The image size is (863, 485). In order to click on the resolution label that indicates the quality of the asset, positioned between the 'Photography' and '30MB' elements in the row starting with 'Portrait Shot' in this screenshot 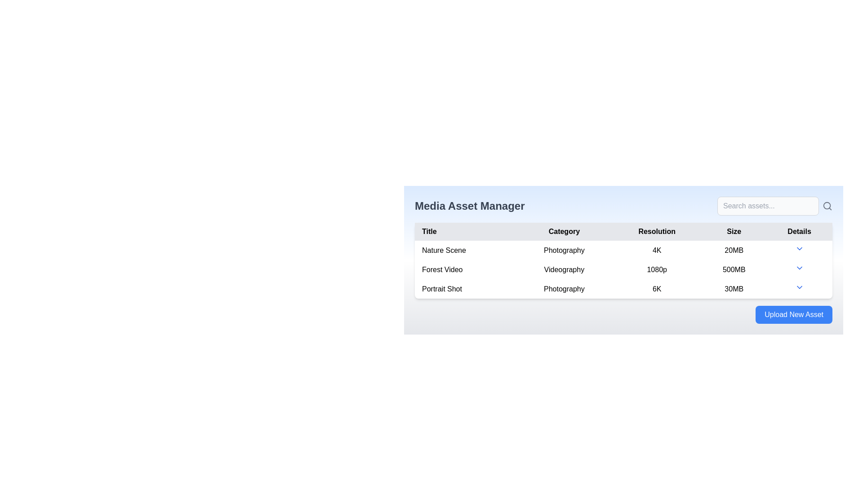, I will do `click(657, 289)`.